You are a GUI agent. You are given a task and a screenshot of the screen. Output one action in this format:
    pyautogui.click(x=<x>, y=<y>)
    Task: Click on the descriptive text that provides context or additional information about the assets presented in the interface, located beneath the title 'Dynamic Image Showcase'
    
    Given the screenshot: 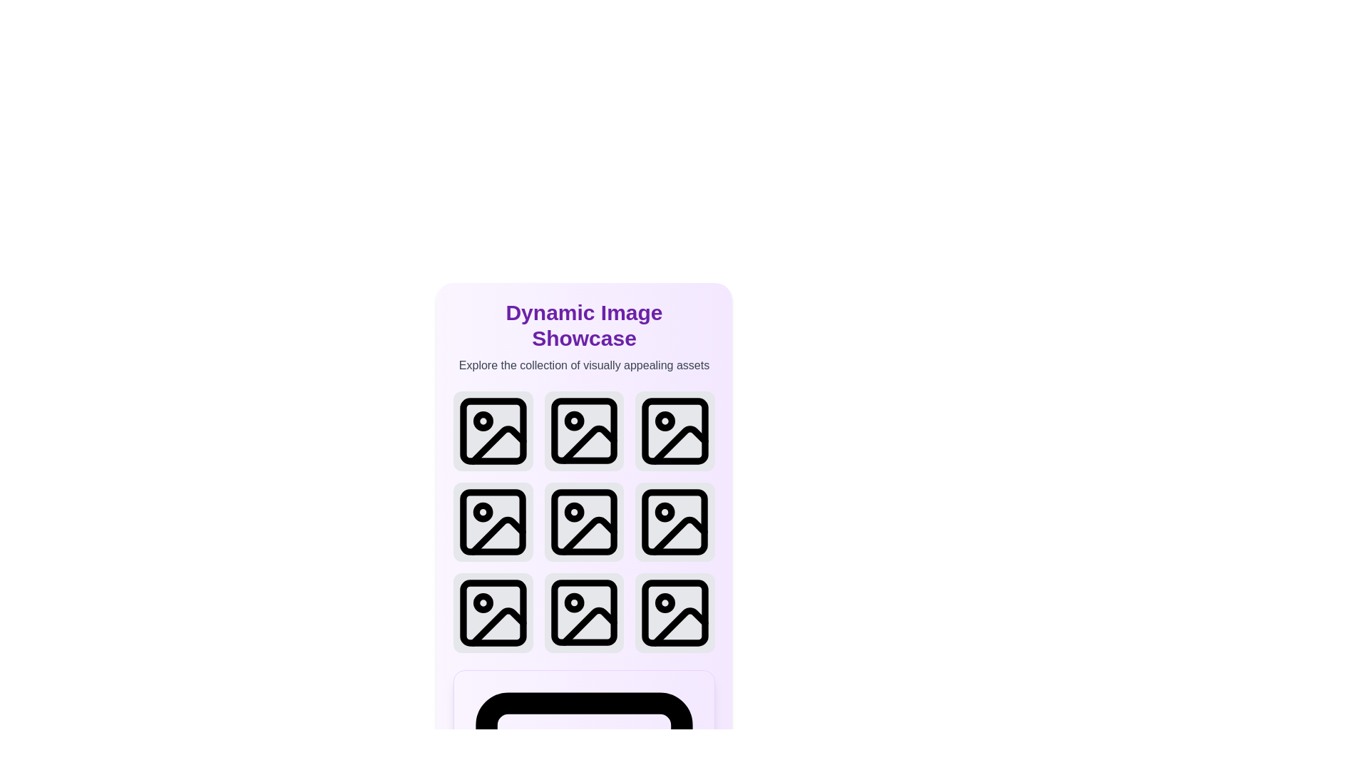 What is the action you would take?
    pyautogui.click(x=584, y=365)
    